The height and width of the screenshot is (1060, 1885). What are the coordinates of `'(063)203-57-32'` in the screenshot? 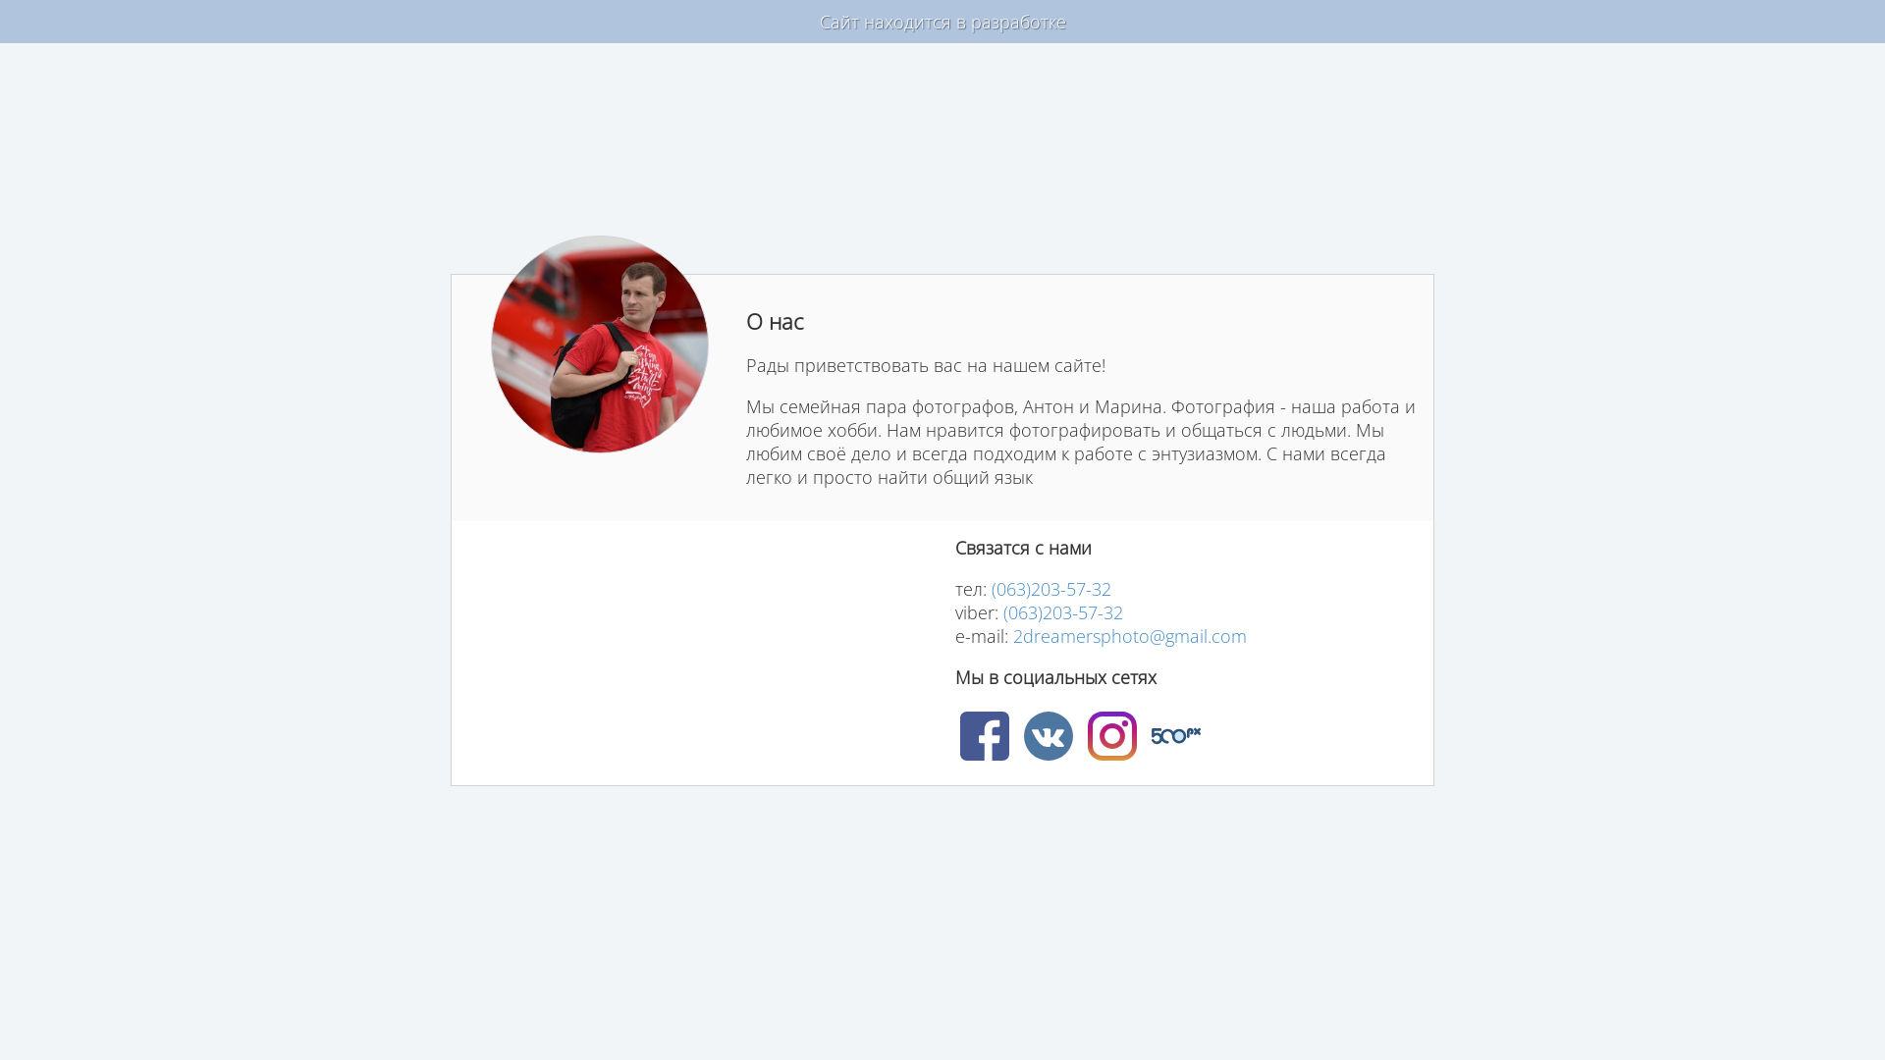 It's located at (1062, 611).